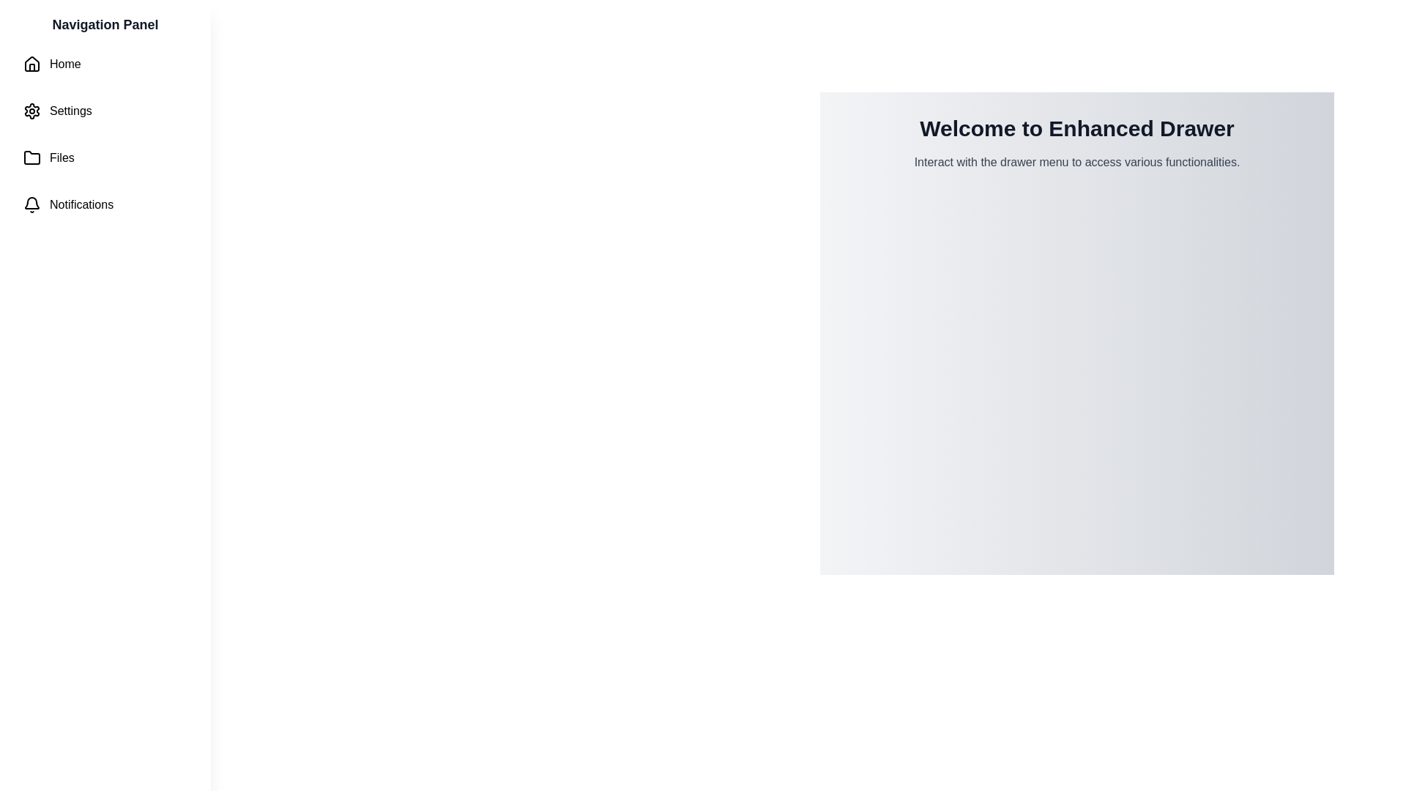  What do you see at coordinates (31, 110) in the screenshot?
I see `the settings icon in the vertical navigation panel, which represents application configuration options` at bounding box center [31, 110].